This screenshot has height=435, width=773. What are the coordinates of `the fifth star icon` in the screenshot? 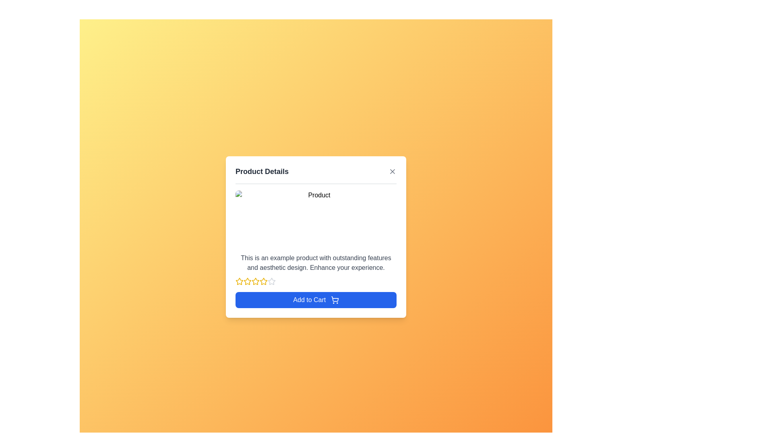 It's located at (255, 281).